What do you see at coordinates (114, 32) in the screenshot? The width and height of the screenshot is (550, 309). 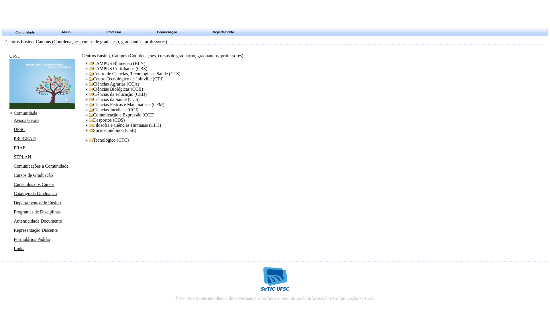 I see `'Professor'` at bounding box center [114, 32].